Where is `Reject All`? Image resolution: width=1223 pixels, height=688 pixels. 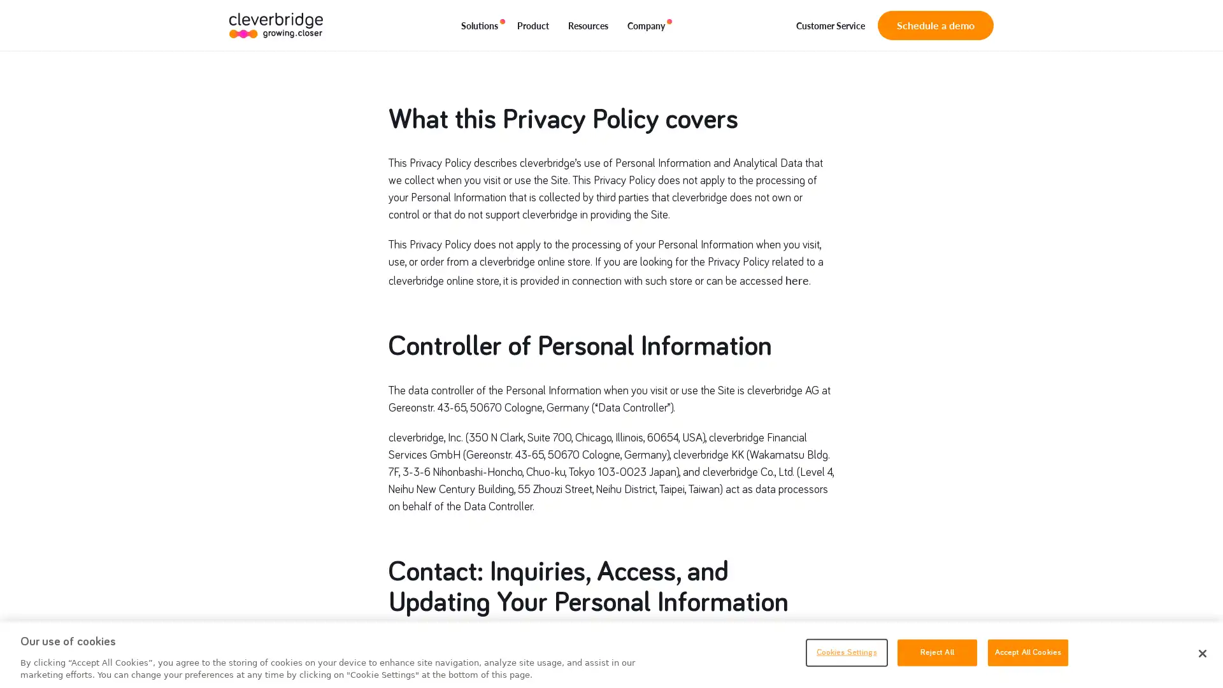
Reject All is located at coordinates (936, 652).